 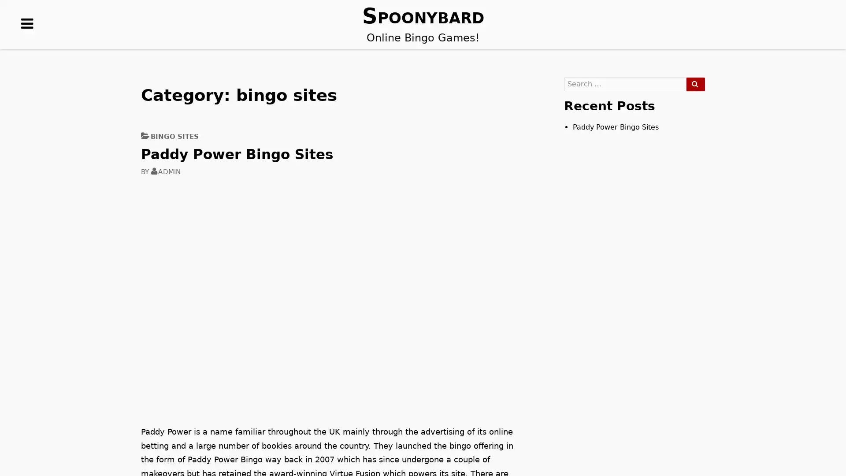 What do you see at coordinates (27, 37) in the screenshot?
I see `MENUS` at bounding box center [27, 37].